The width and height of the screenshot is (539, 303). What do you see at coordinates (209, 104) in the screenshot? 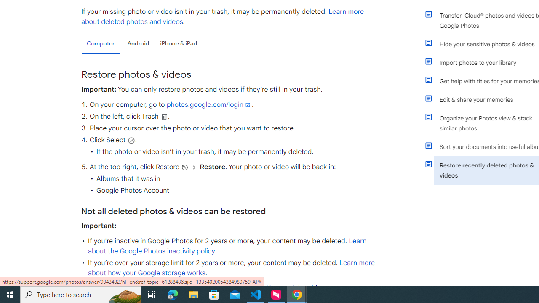
I see `'photos.google.com/login'` at bounding box center [209, 104].